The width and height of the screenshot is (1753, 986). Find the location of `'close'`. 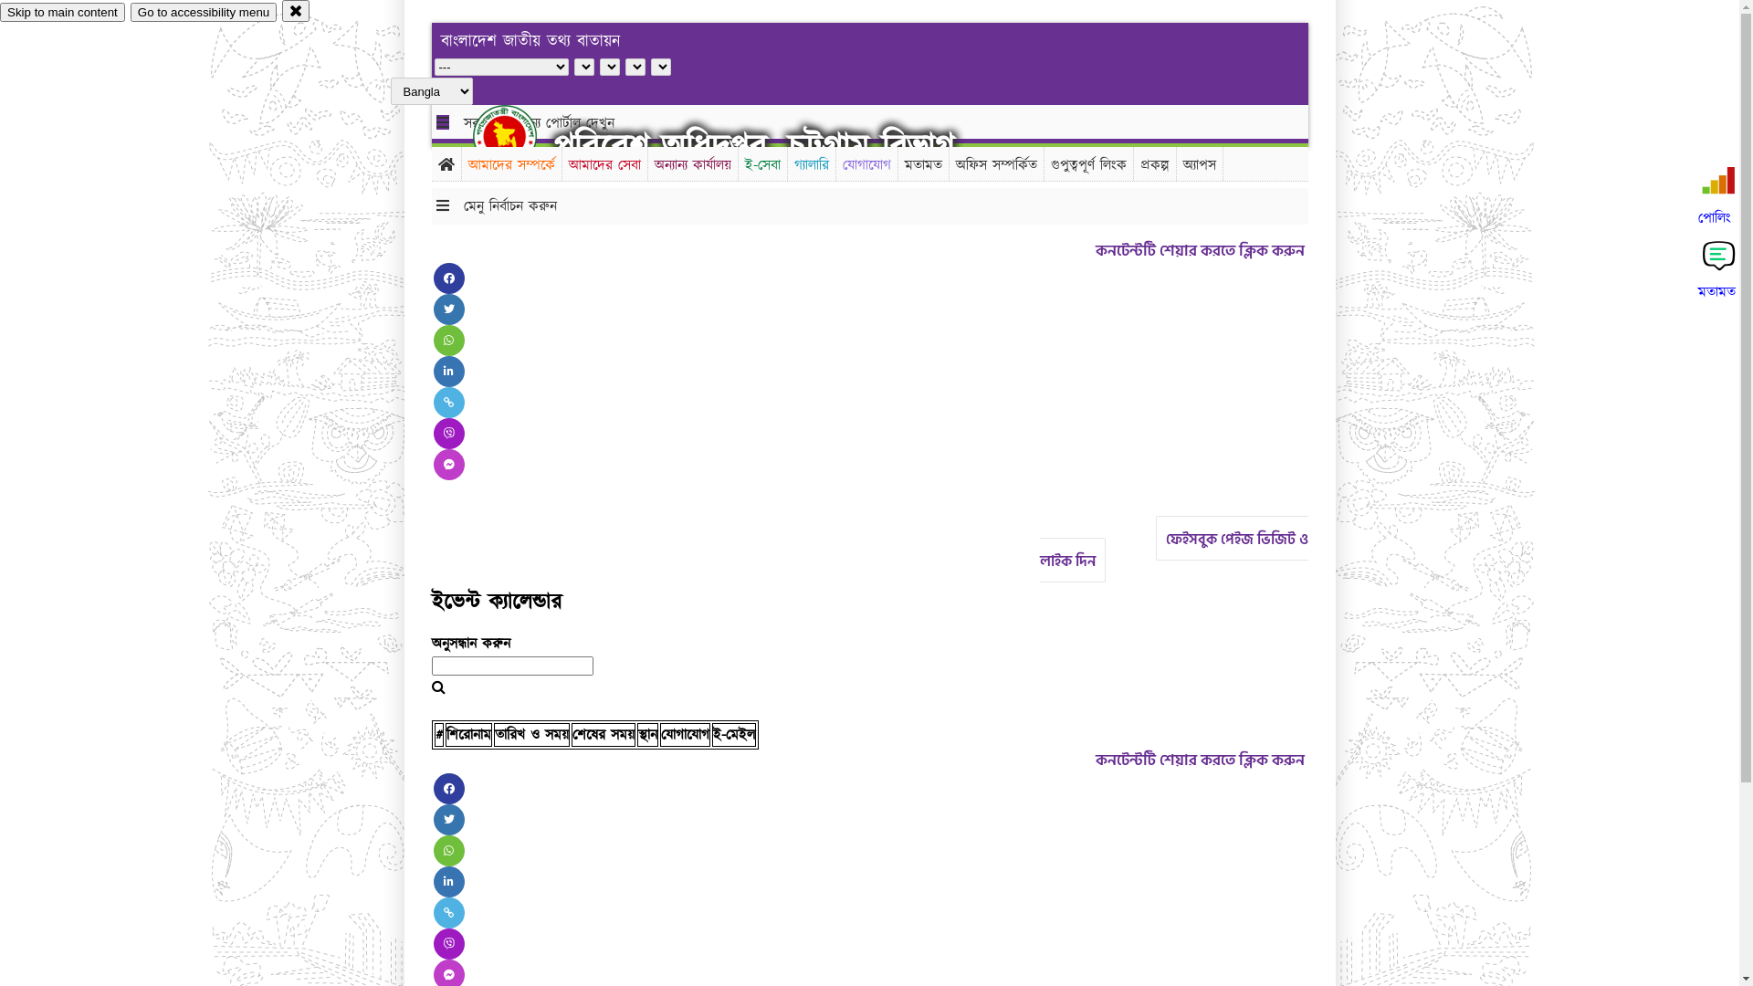

'close' is located at coordinates (296, 10).